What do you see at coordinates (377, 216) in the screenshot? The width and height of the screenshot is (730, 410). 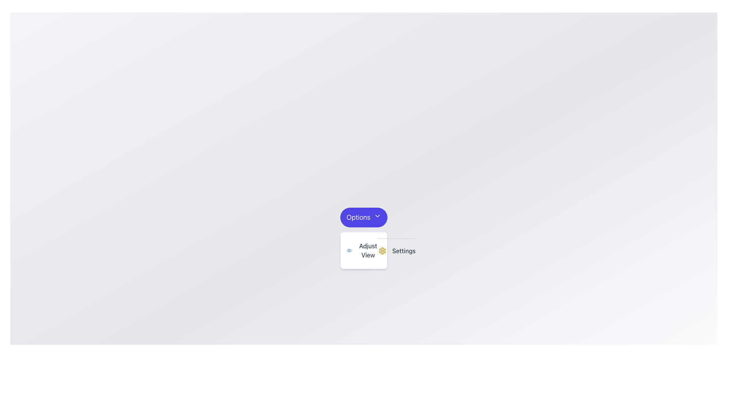 I see `the chevron icon located to the right of the text 'Options' within the pill-shaped button` at bounding box center [377, 216].